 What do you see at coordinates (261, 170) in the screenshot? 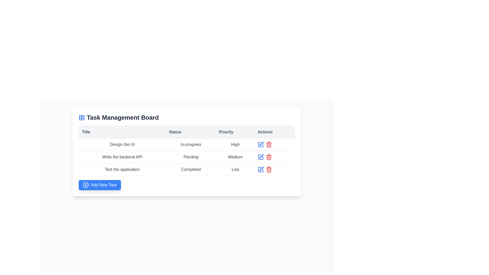
I see `the edit button located in the 'Actions' column of the last row in the Task Management Board to initiate editing of the associated task` at bounding box center [261, 170].